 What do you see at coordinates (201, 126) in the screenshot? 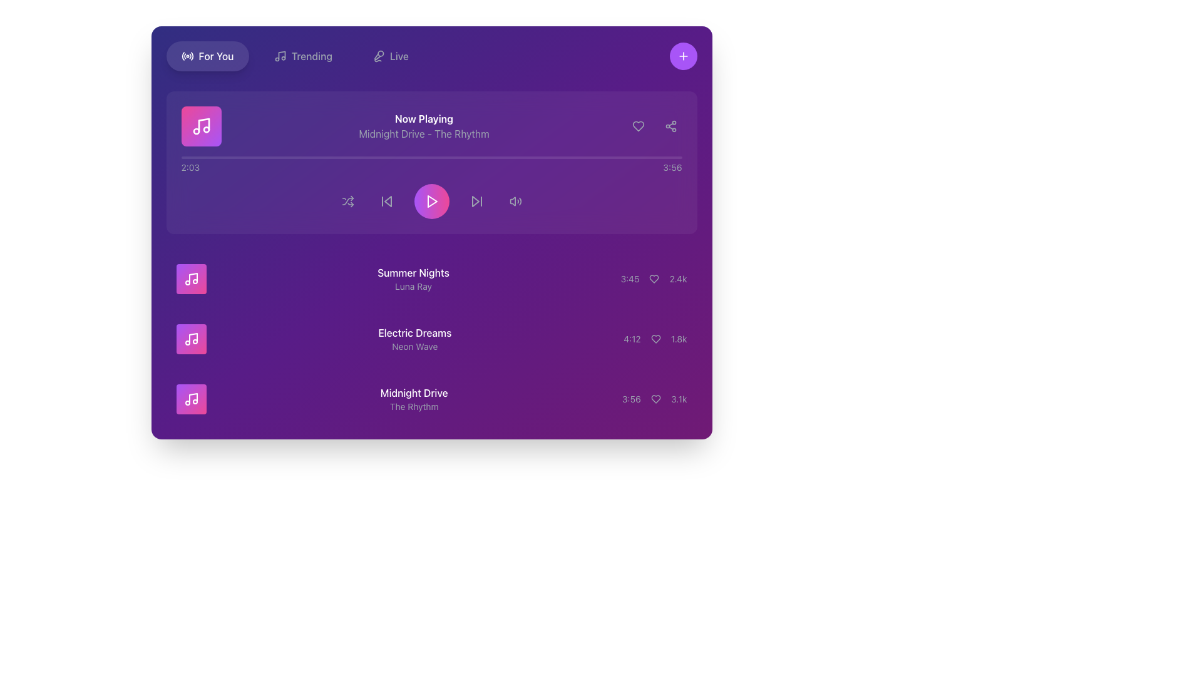
I see `the gradient square with rounded corners containing a white music note icon, located in the top-left corner of the 'Now Playing' section` at bounding box center [201, 126].